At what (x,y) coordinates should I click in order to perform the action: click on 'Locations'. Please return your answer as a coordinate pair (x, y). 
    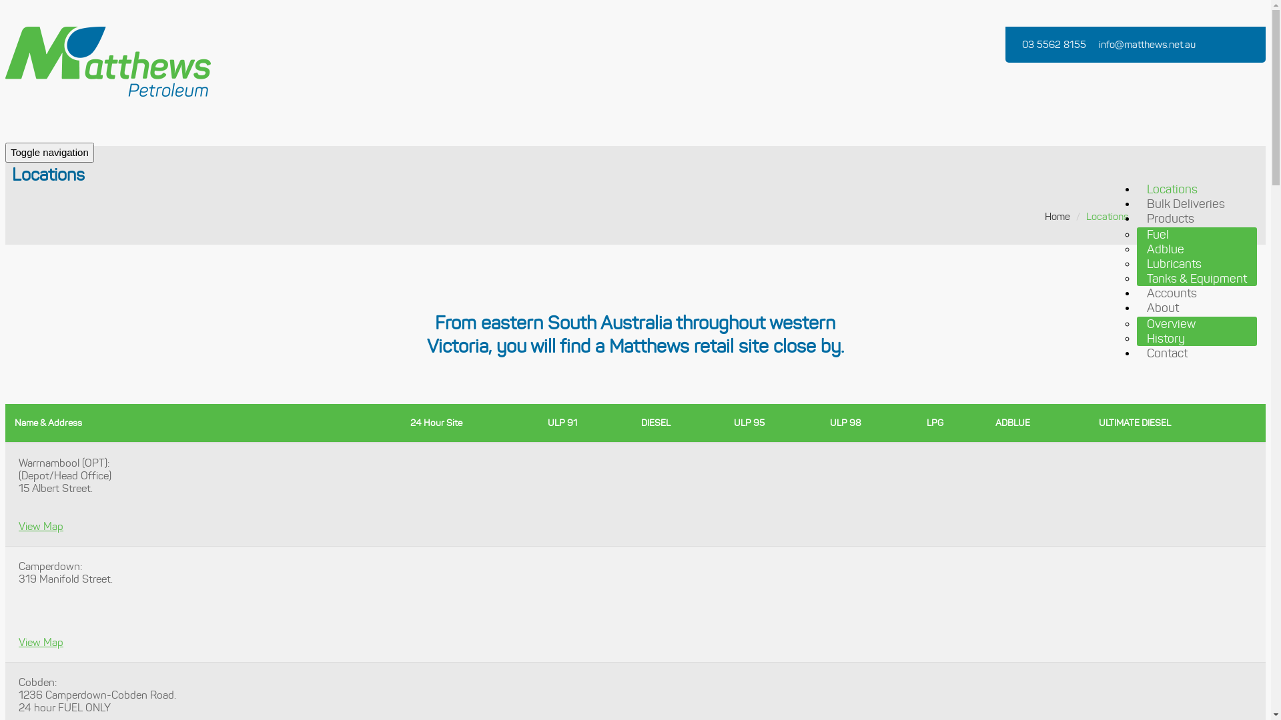
    Looking at the image, I should click on (1171, 189).